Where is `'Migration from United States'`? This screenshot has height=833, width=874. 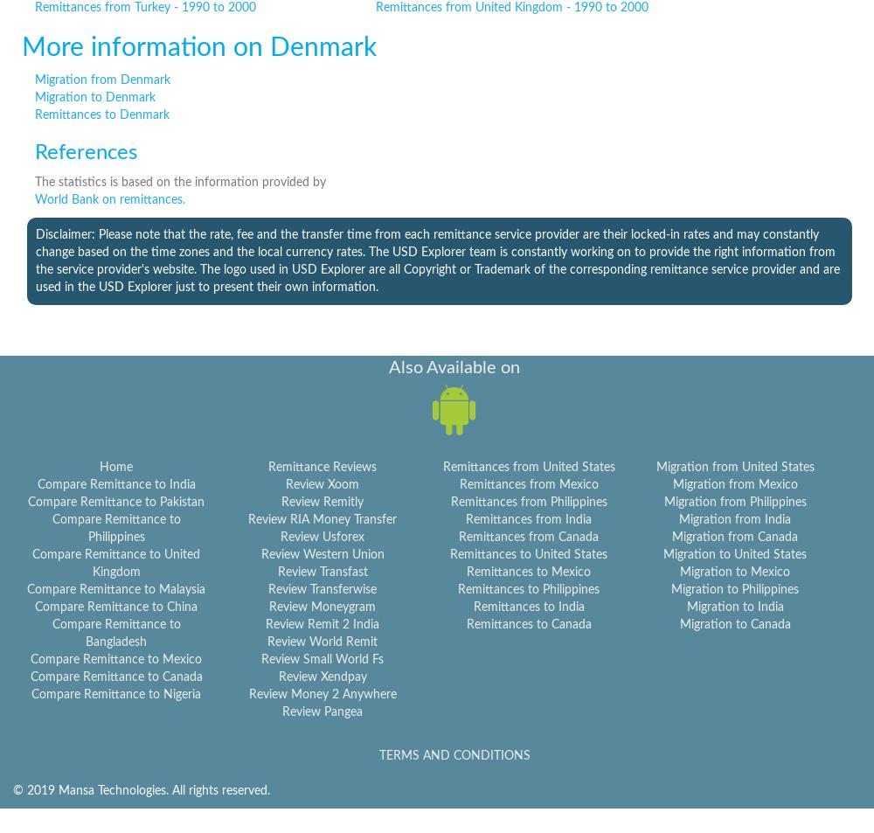 'Migration from United States' is located at coordinates (733, 468).